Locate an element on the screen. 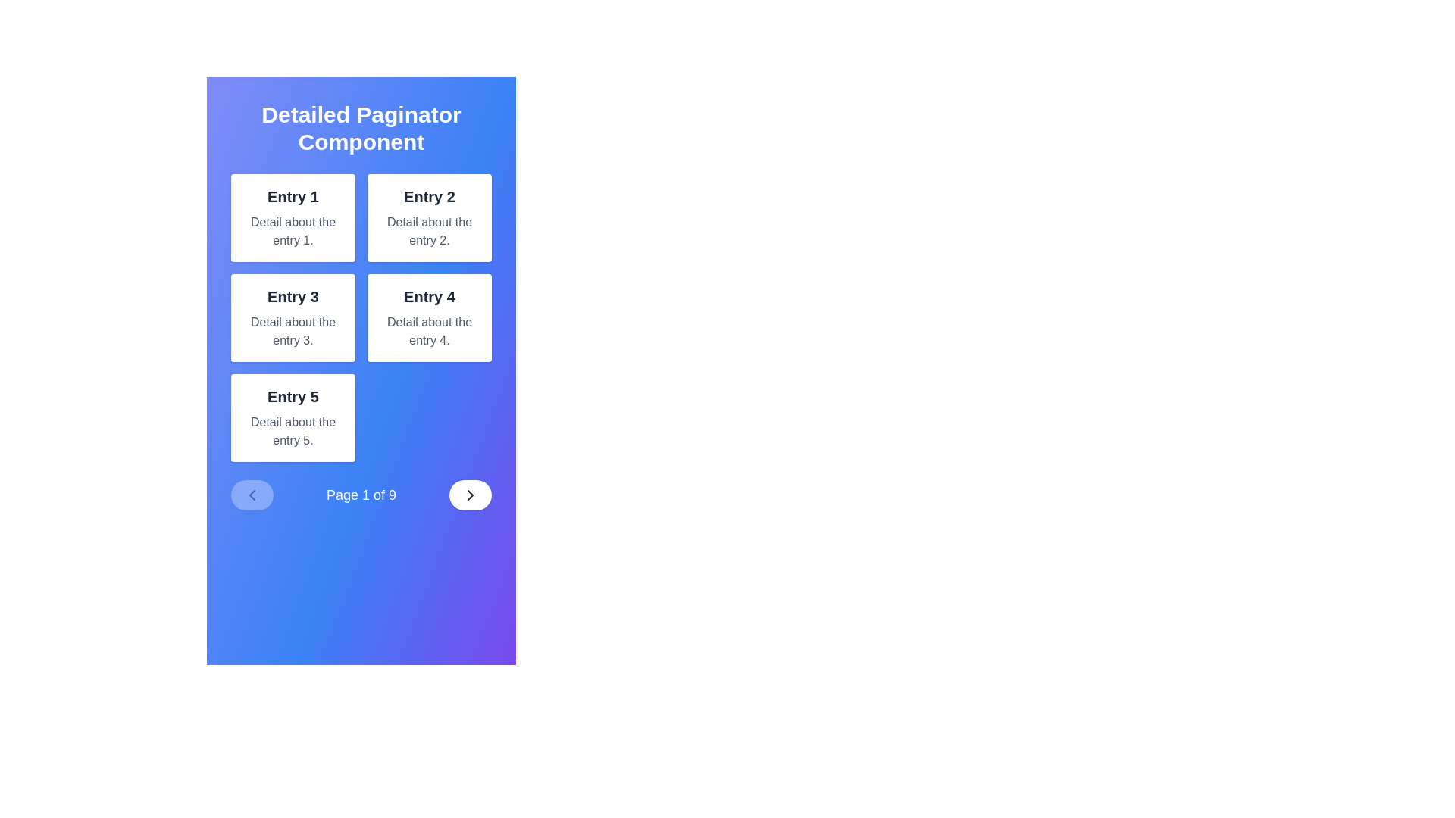 This screenshot has width=1455, height=818. the left-pointing chevron arrow icon within the circular blue button located at the bottom left corner of the pagination interface is located at coordinates (252, 495).